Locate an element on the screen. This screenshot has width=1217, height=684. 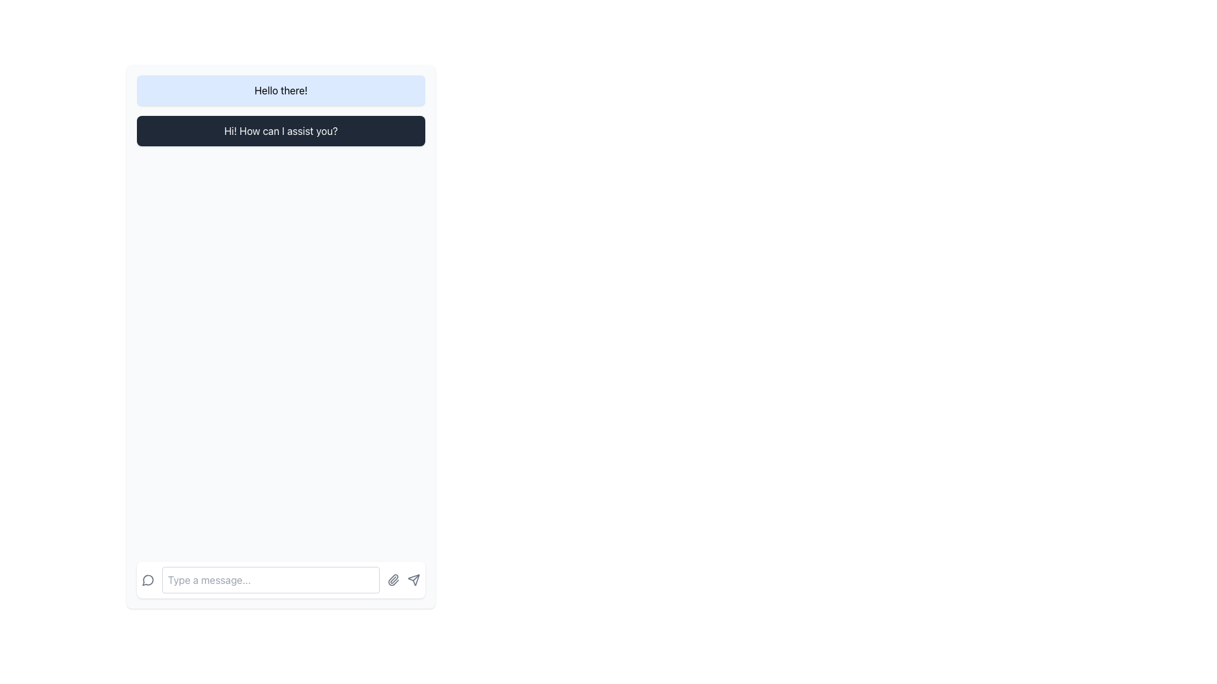
the rectangular text box with a dark background (gray-800) and white text, styled with rounded corners and a shadow effect, located below the 'Hello there!' element is located at coordinates (280, 131).